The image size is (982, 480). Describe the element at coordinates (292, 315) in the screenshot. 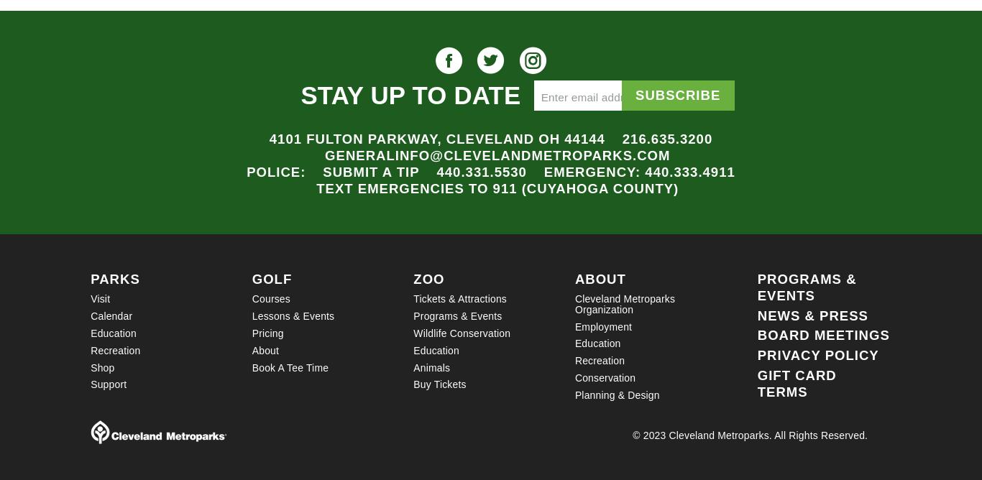

I see `'Lessons & Events'` at that location.